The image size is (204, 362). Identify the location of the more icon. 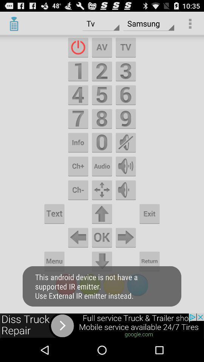
(77, 178).